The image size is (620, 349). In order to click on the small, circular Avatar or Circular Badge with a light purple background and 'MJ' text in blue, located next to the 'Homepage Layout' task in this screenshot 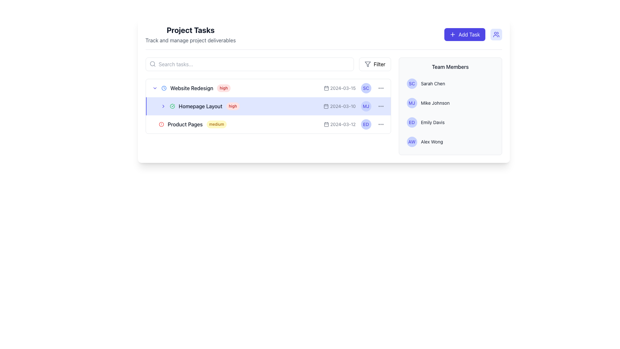, I will do `click(366, 106)`.